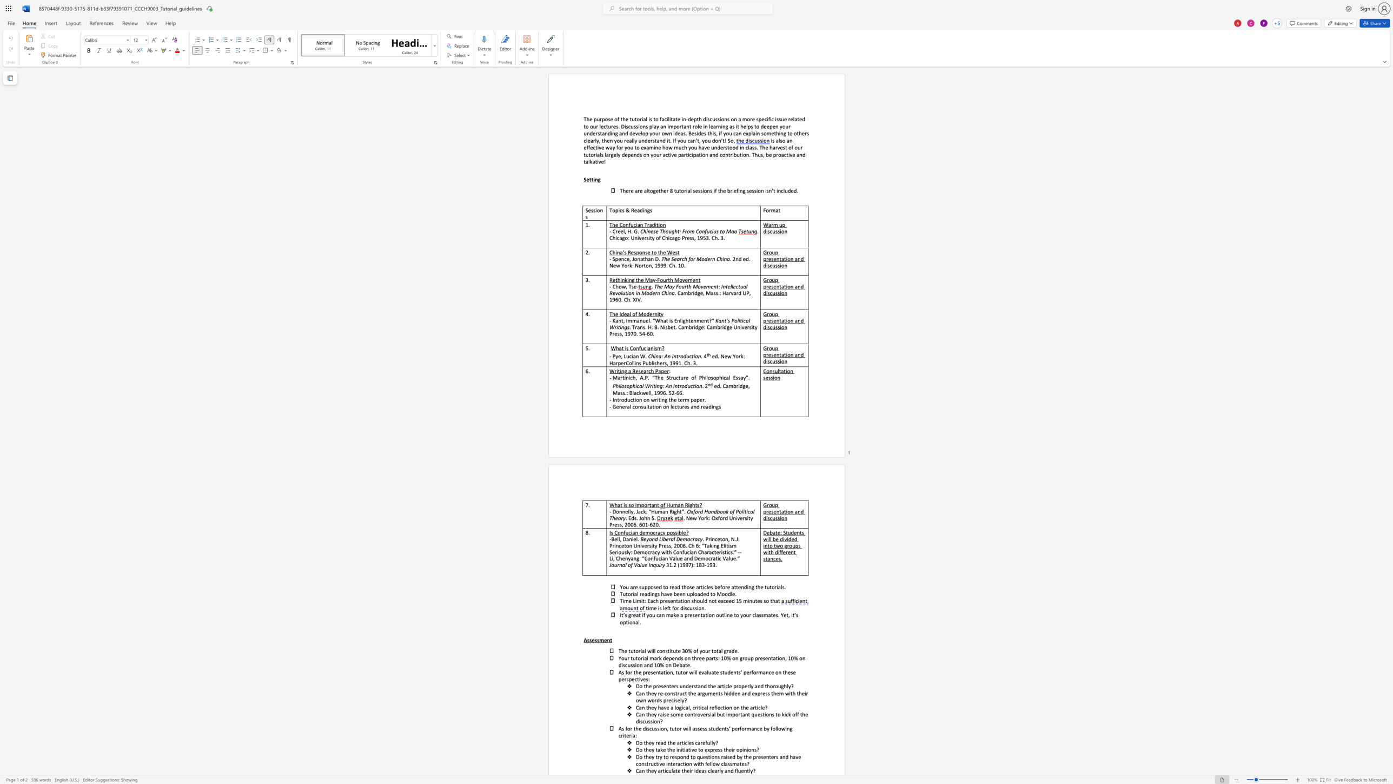  Describe the element at coordinates (606, 154) in the screenshot. I see `the space between the continuous character "l" and "a" in the text` at that location.